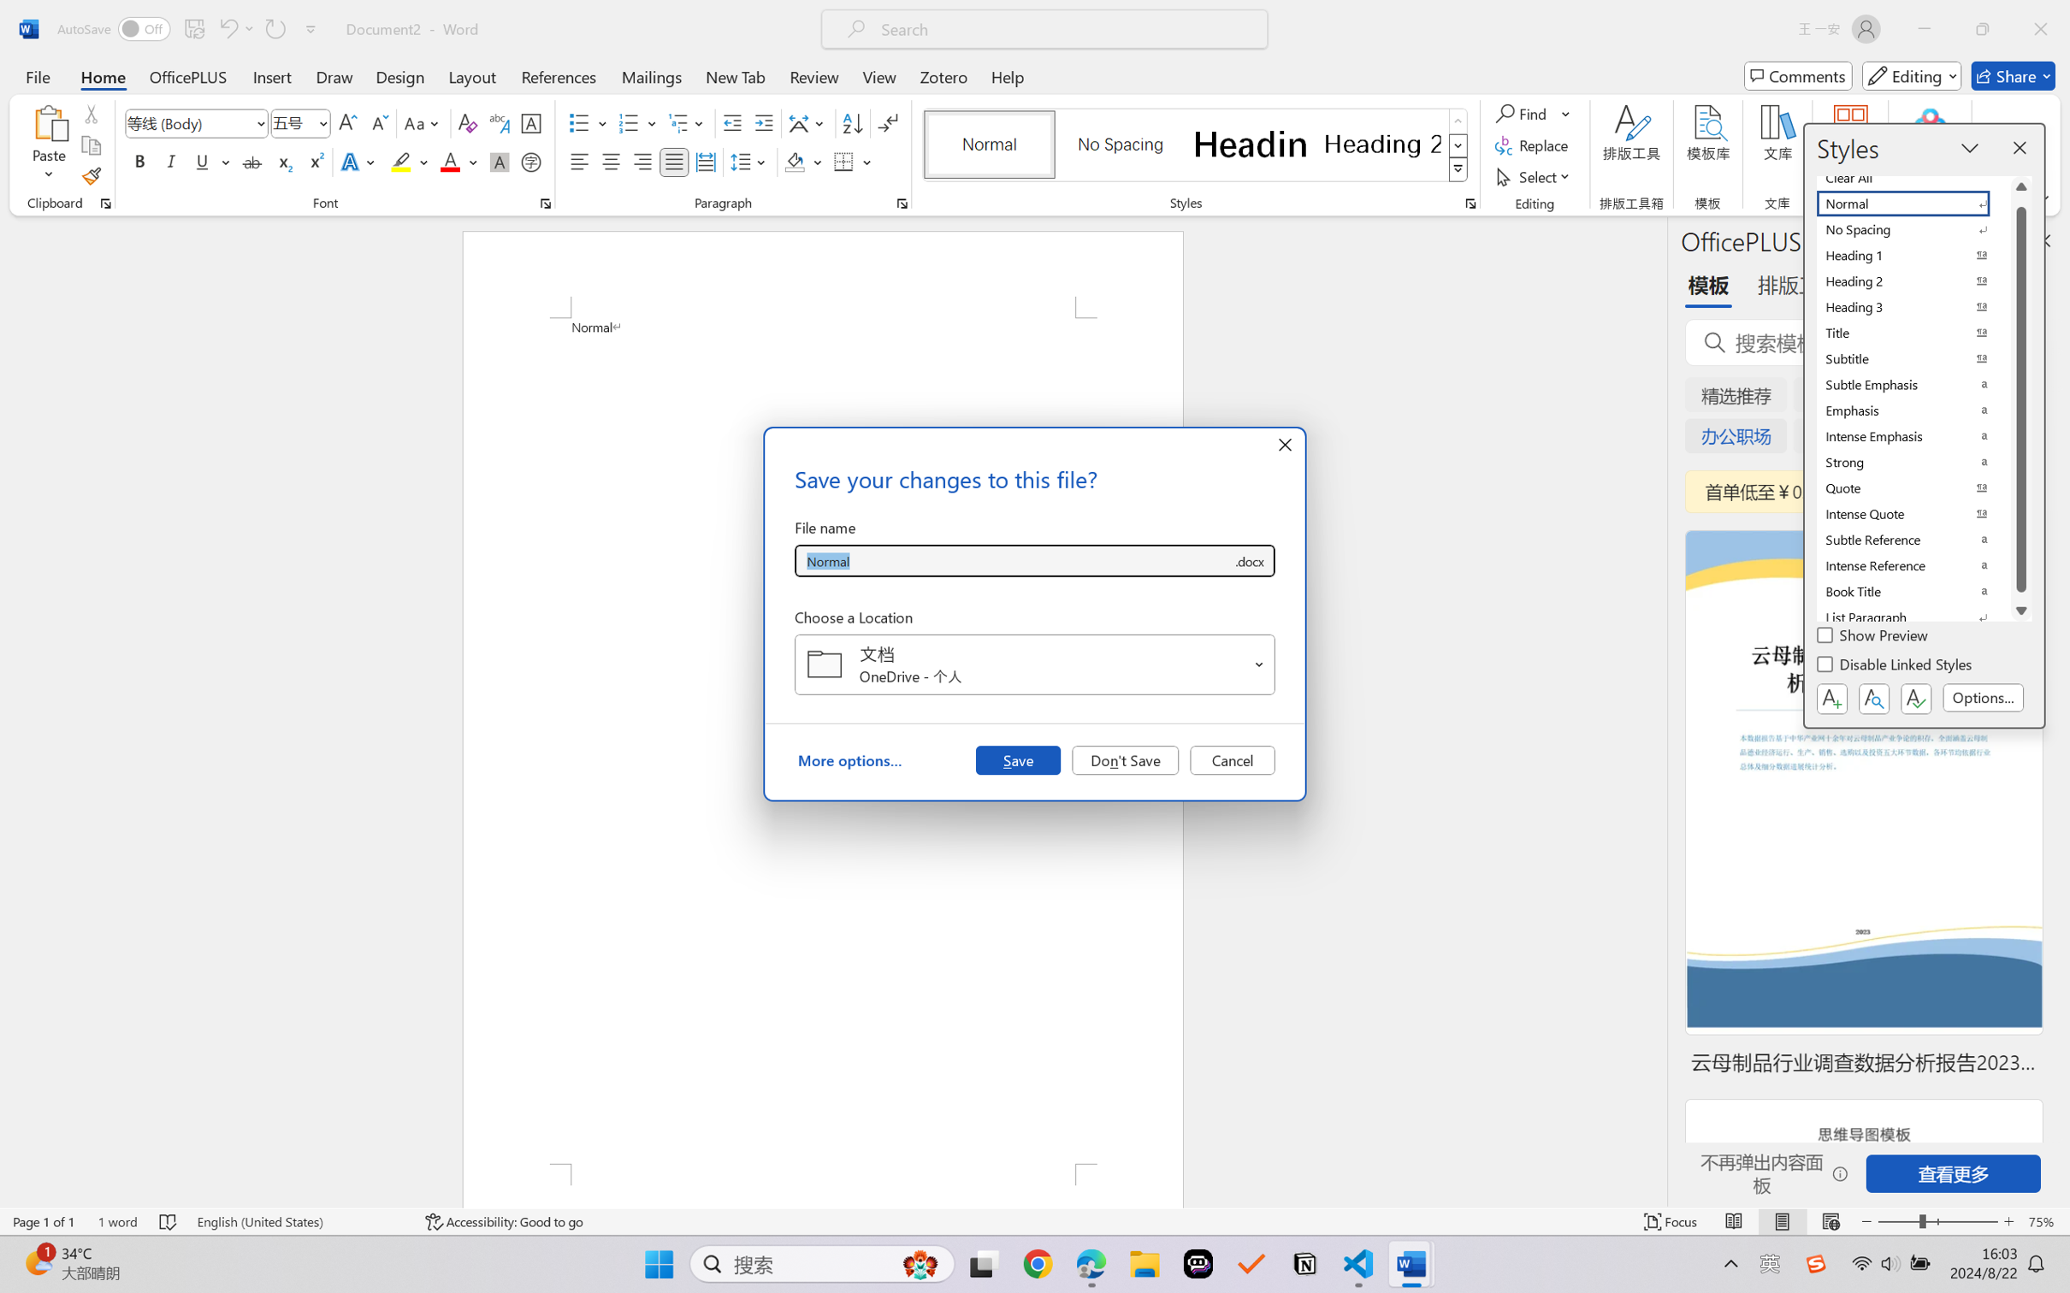 The height and width of the screenshot is (1293, 2070). What do you see at coordinates (673, 161) in the screenshot?
I see `'Justify'` at bounding box center [673, 161].